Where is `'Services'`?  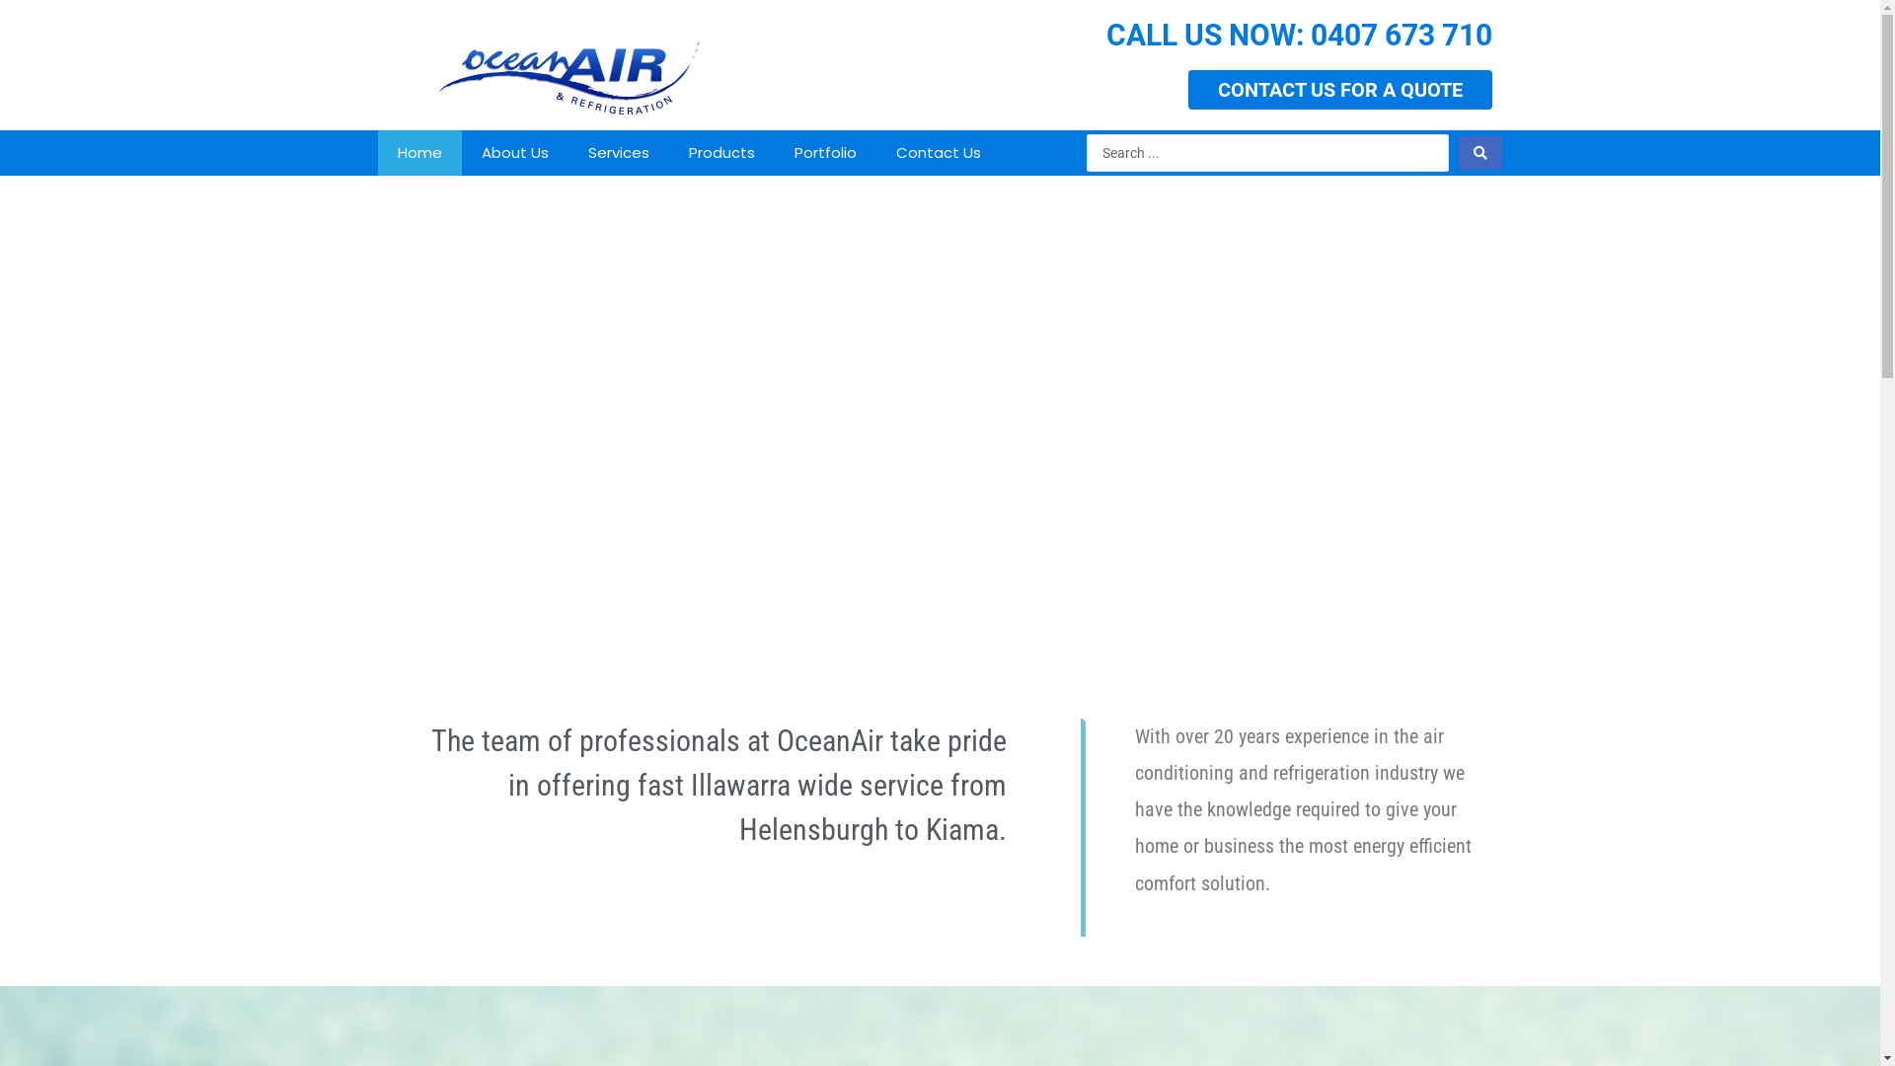 'Services' is located at coordinates (618, 151).